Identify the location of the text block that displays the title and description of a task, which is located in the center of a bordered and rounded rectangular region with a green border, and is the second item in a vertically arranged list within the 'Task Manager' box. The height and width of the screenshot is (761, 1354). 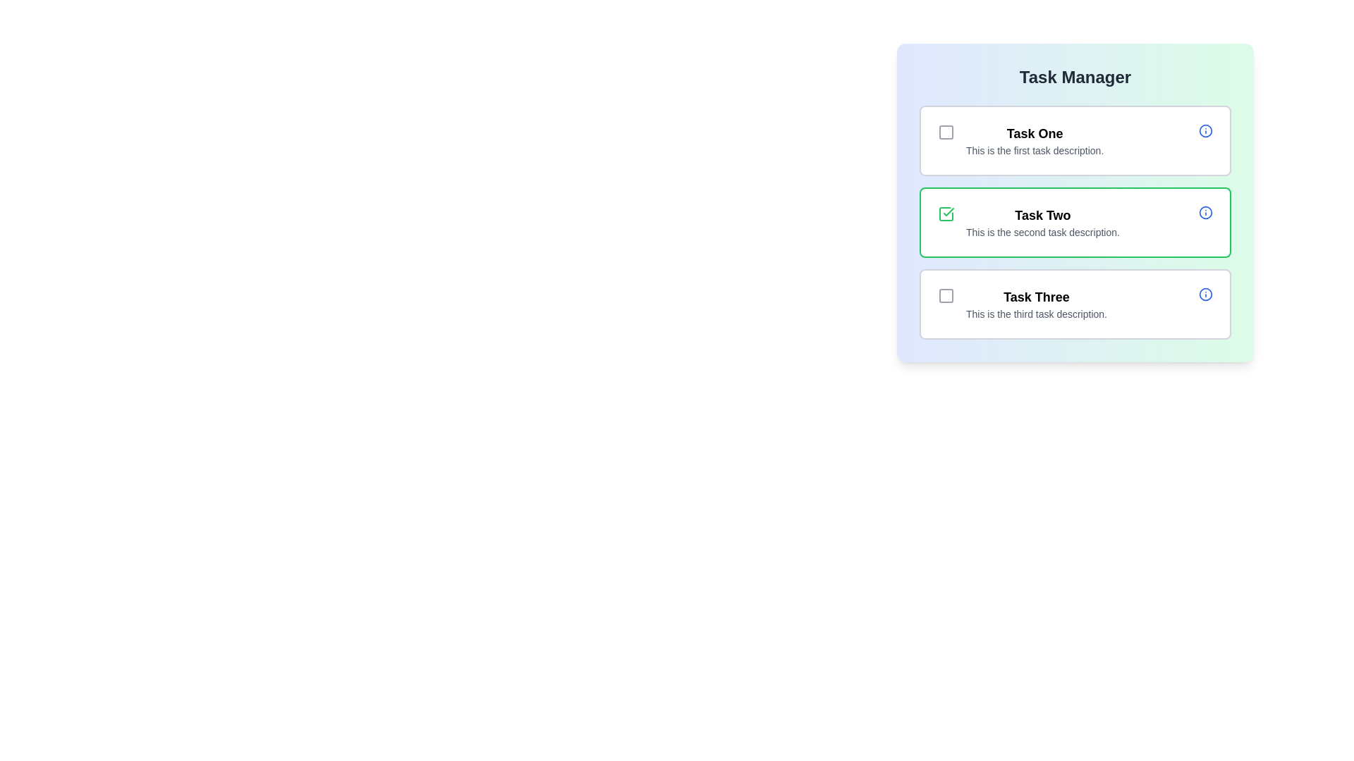
(1042, 222).